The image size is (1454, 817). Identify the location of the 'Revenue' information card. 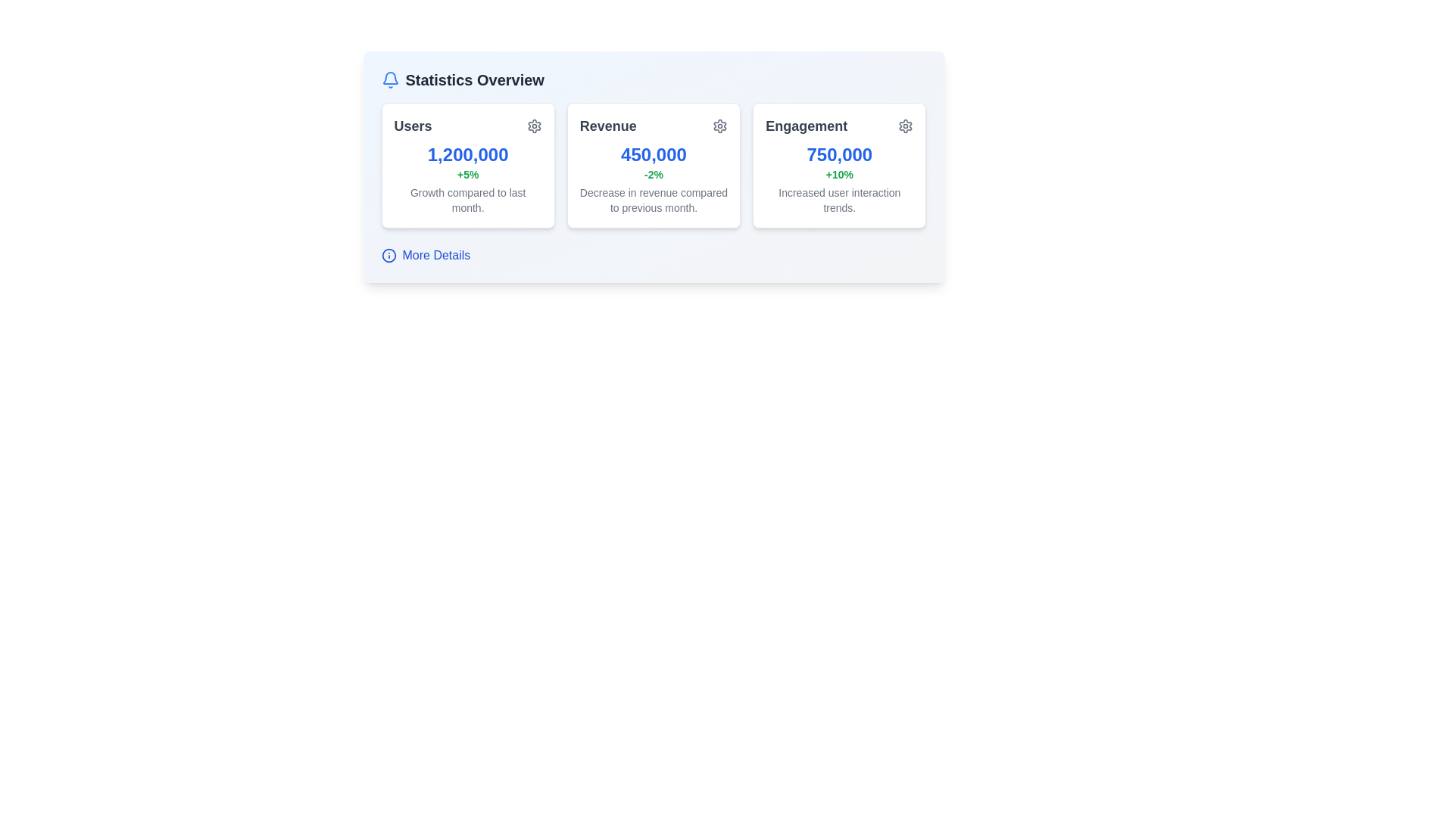
(654, 166).